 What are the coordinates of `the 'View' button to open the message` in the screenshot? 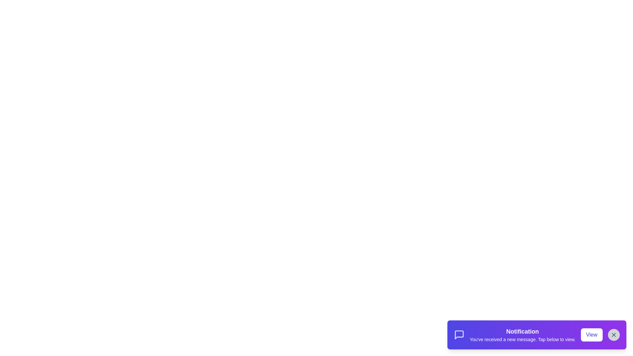 It's located at (591, 335).